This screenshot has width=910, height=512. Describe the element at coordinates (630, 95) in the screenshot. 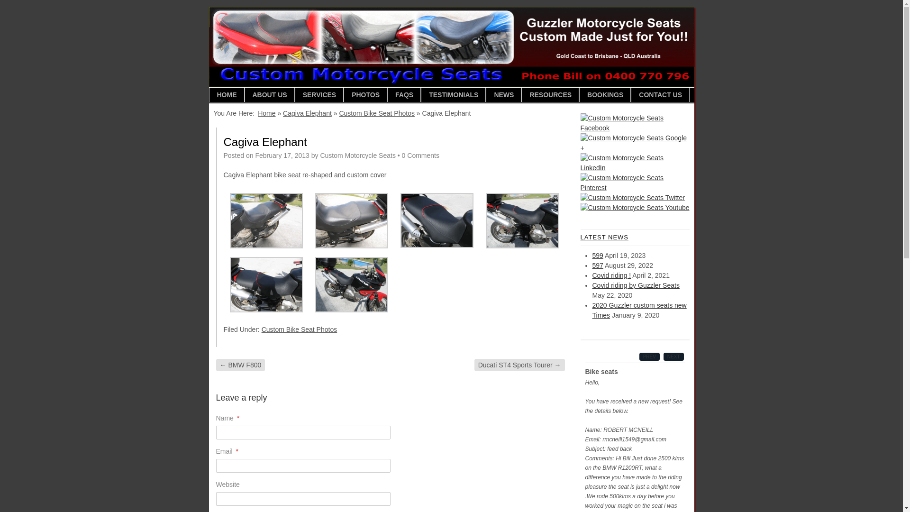

I see `'CONTACT US'` at that location.